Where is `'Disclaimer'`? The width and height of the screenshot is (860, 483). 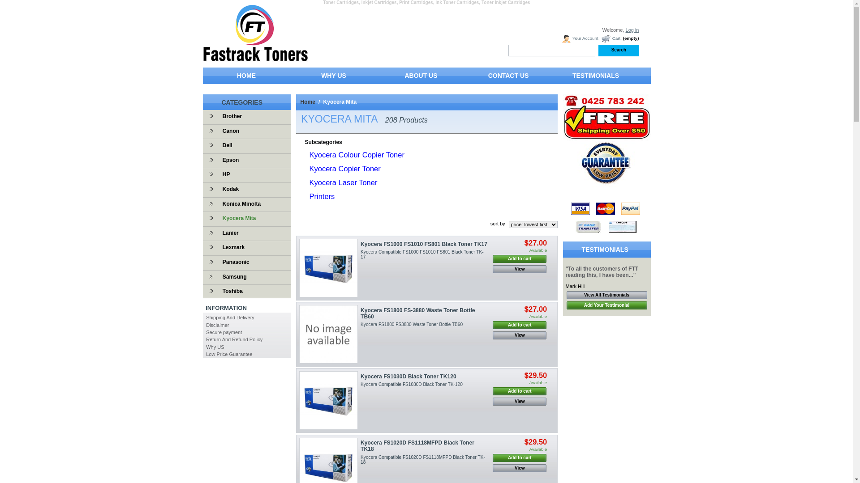
'Disclaimer' is located at coordinates (217, 325).